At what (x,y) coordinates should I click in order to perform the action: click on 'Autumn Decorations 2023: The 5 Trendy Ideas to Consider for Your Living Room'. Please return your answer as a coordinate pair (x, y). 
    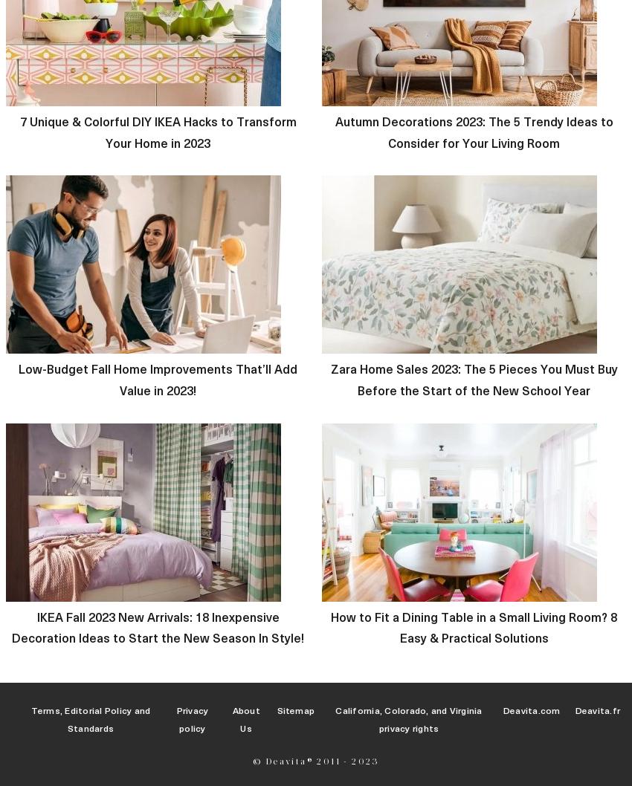
    Looking at the image, I should click on (333, 132).